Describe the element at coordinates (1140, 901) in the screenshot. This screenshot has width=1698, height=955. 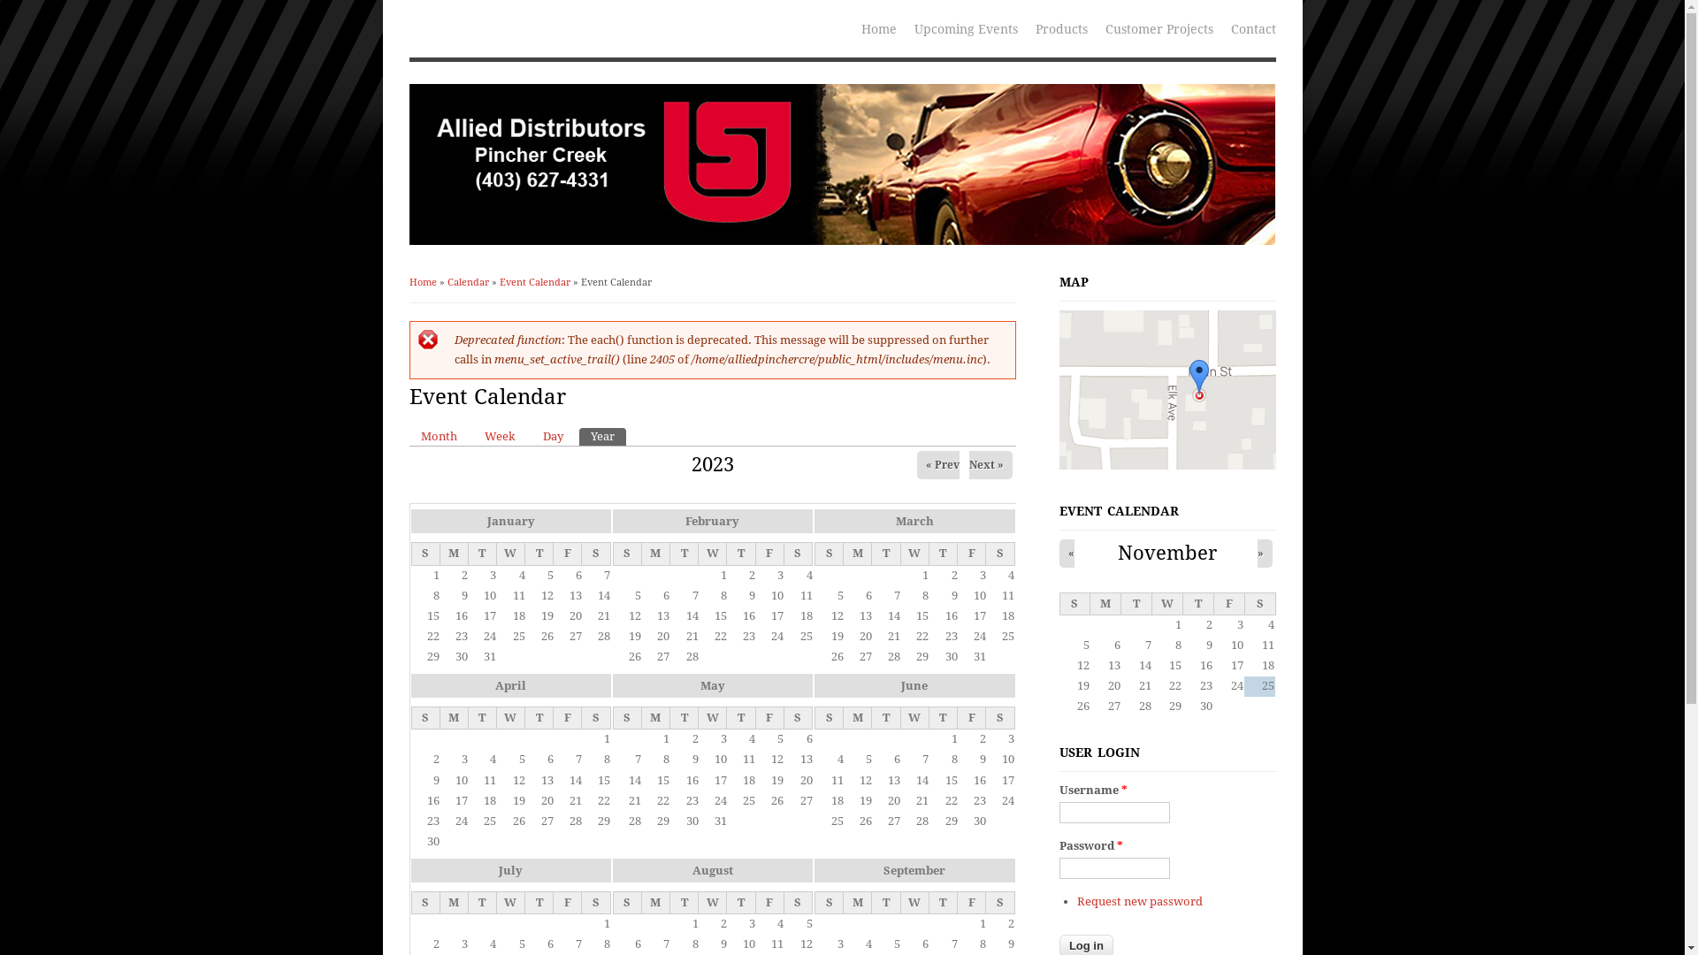
I see `'Request new password'` at that location.